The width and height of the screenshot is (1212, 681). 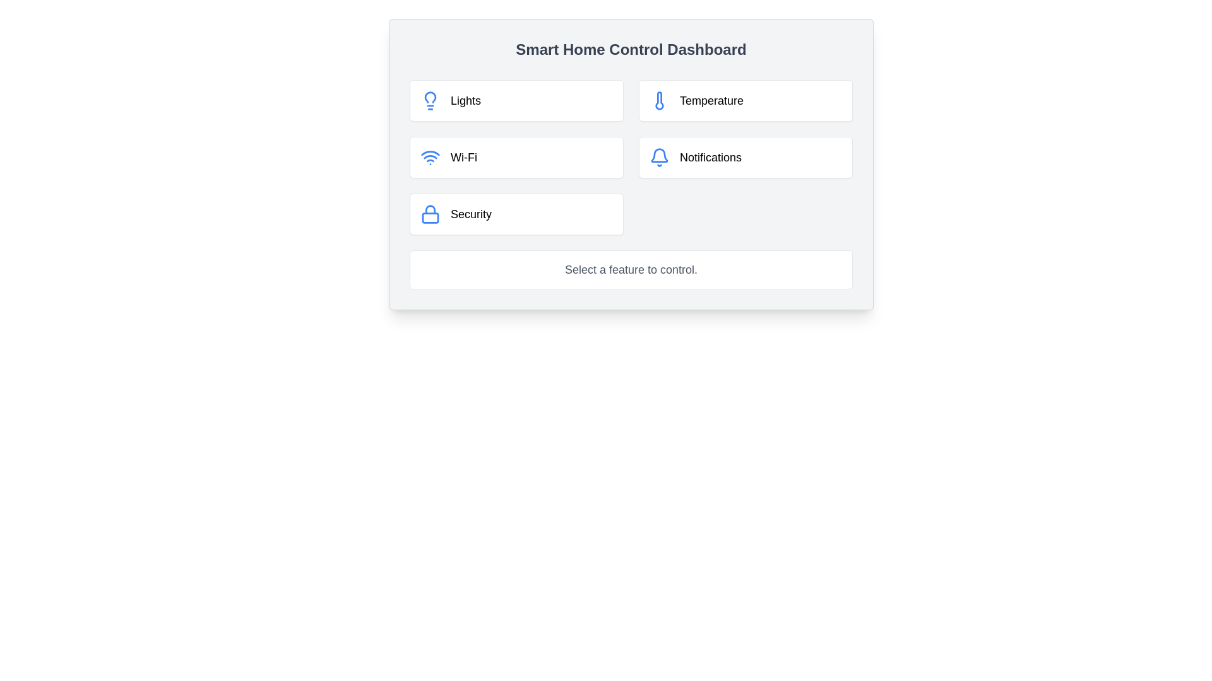 I want to click on the bottom part of the lock icon that represents the 'Security' feature adjacent to the label 'Security', so click(x=430, y=218).